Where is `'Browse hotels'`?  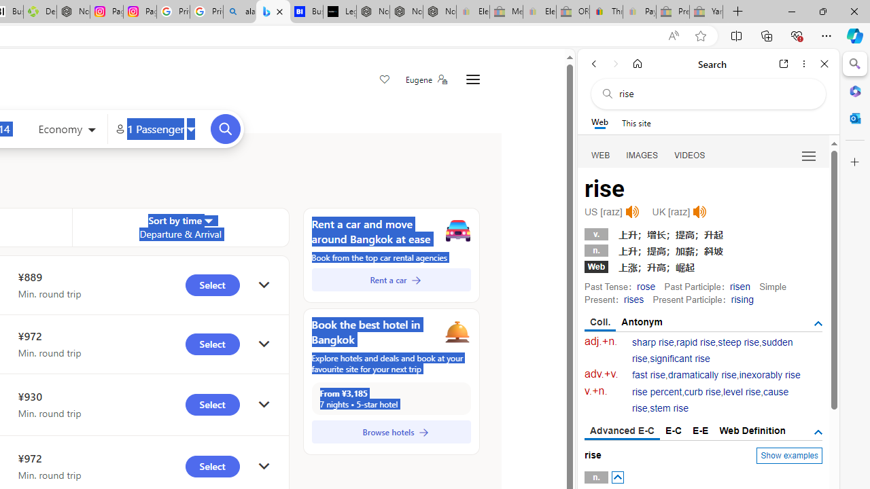
'Browse hotels' is located at coordinates (390, 432).